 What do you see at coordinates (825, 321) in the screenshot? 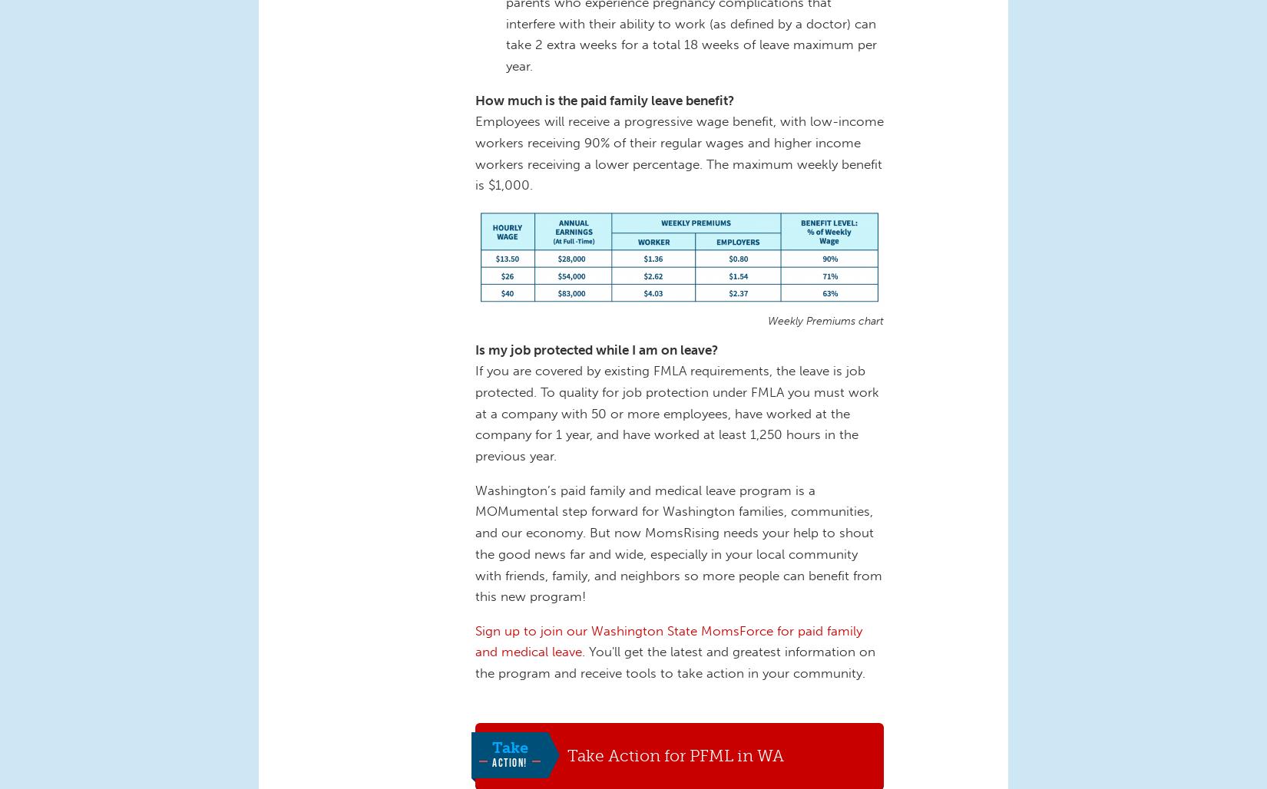
I see `'Weekly Premiums chart'` at bounding box center [825, 321].